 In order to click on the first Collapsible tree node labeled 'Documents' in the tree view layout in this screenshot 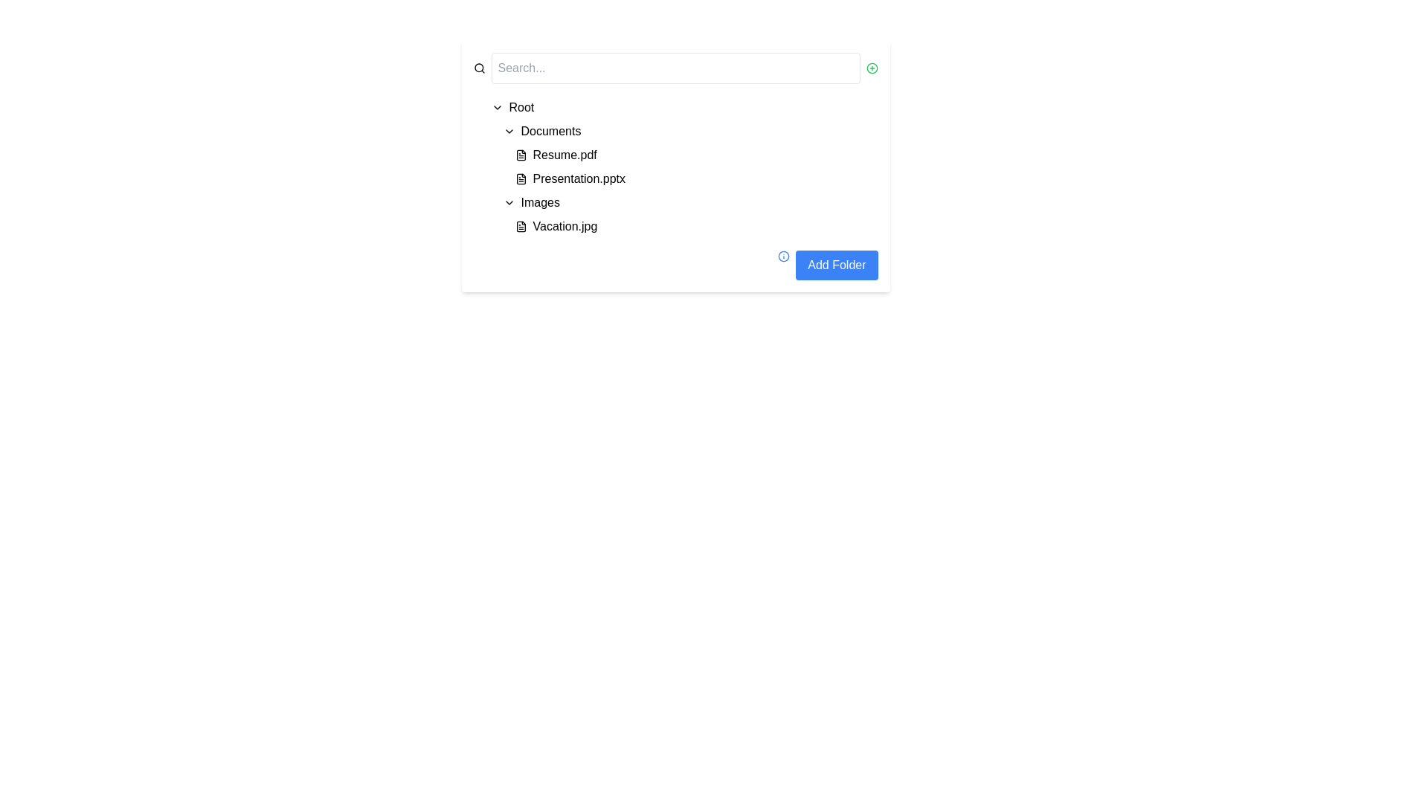, I will do `click(686, 131)`.